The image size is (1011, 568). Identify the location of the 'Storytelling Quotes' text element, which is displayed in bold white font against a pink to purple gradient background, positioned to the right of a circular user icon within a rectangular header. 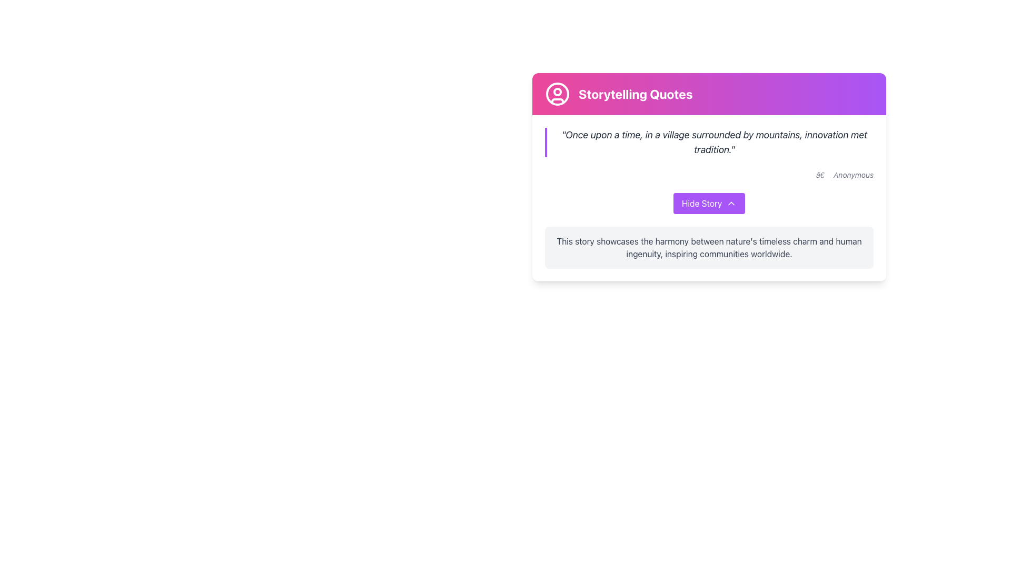
(635, 93).